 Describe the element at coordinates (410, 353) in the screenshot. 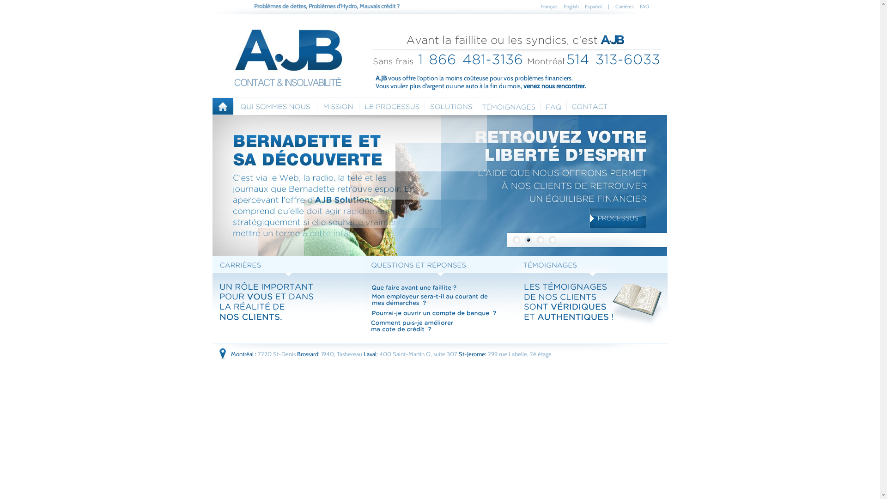

I see `'Laval: 400 Saint-Martin O, suite 307'` at that location.